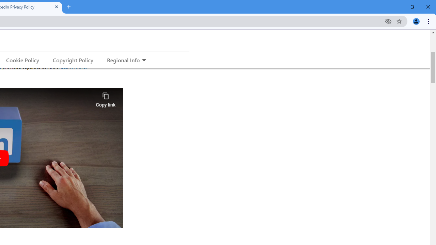 This screenshot has width=436, height=245. I want to click on 'Copyright Policy', so click(73, 60).